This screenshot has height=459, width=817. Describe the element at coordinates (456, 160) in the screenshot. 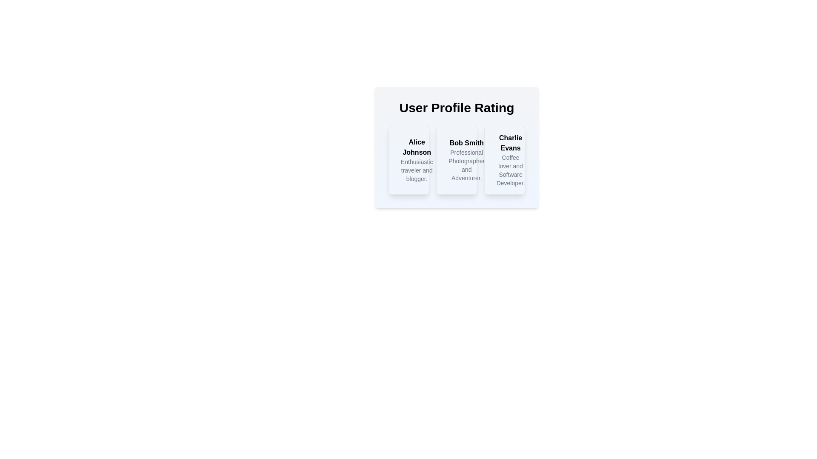

I see `to select the middle user profile card representing the user in the three-card grid layout titled 'User Profile Rating'` at that location.